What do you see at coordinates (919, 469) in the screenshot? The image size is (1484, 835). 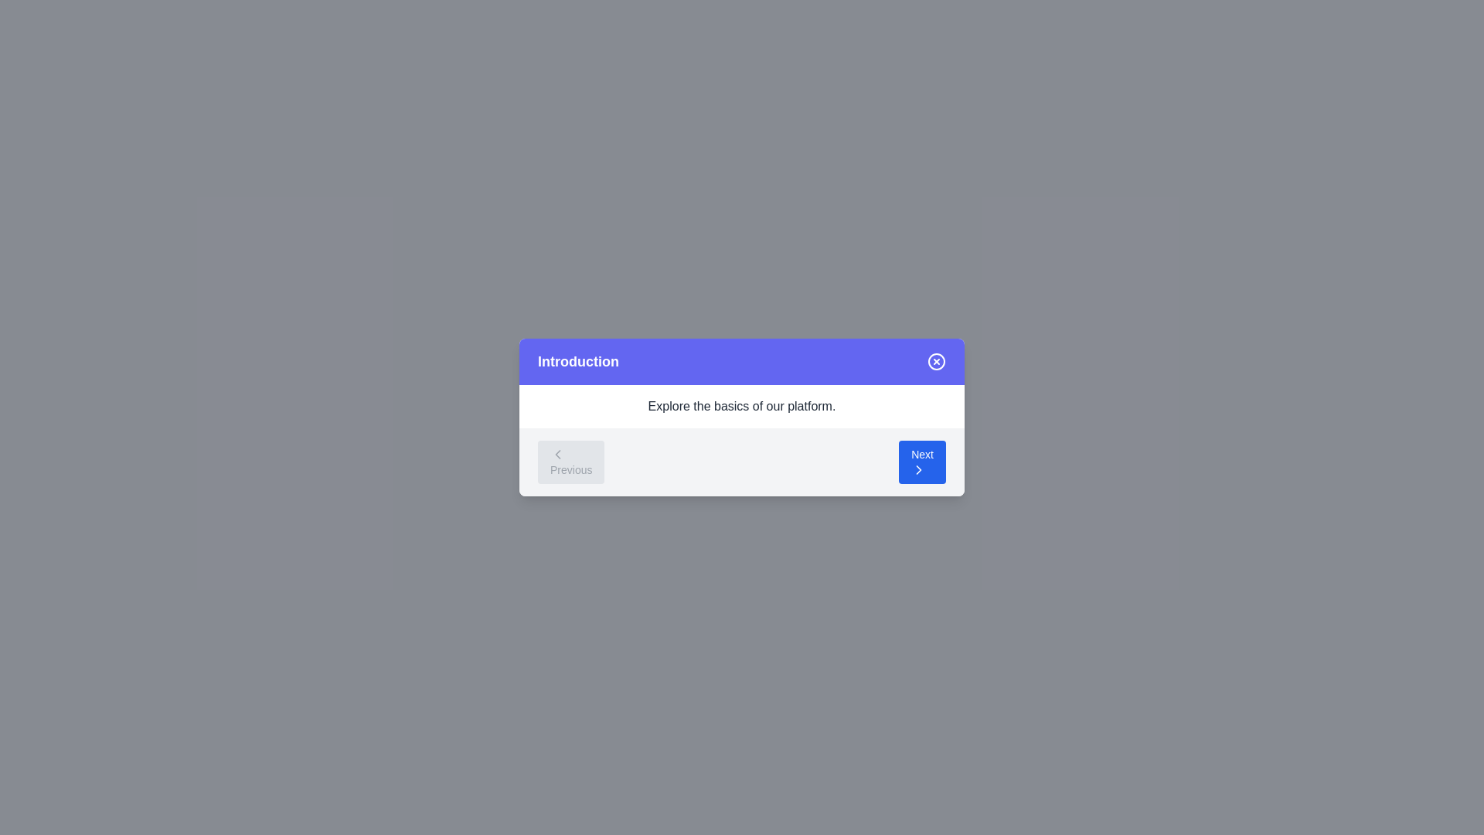 I see `the small right-facing chevron icon located inside the blue 'Next' button at the bottom-right corner of the dialog box` at bounding box center [919, 469].